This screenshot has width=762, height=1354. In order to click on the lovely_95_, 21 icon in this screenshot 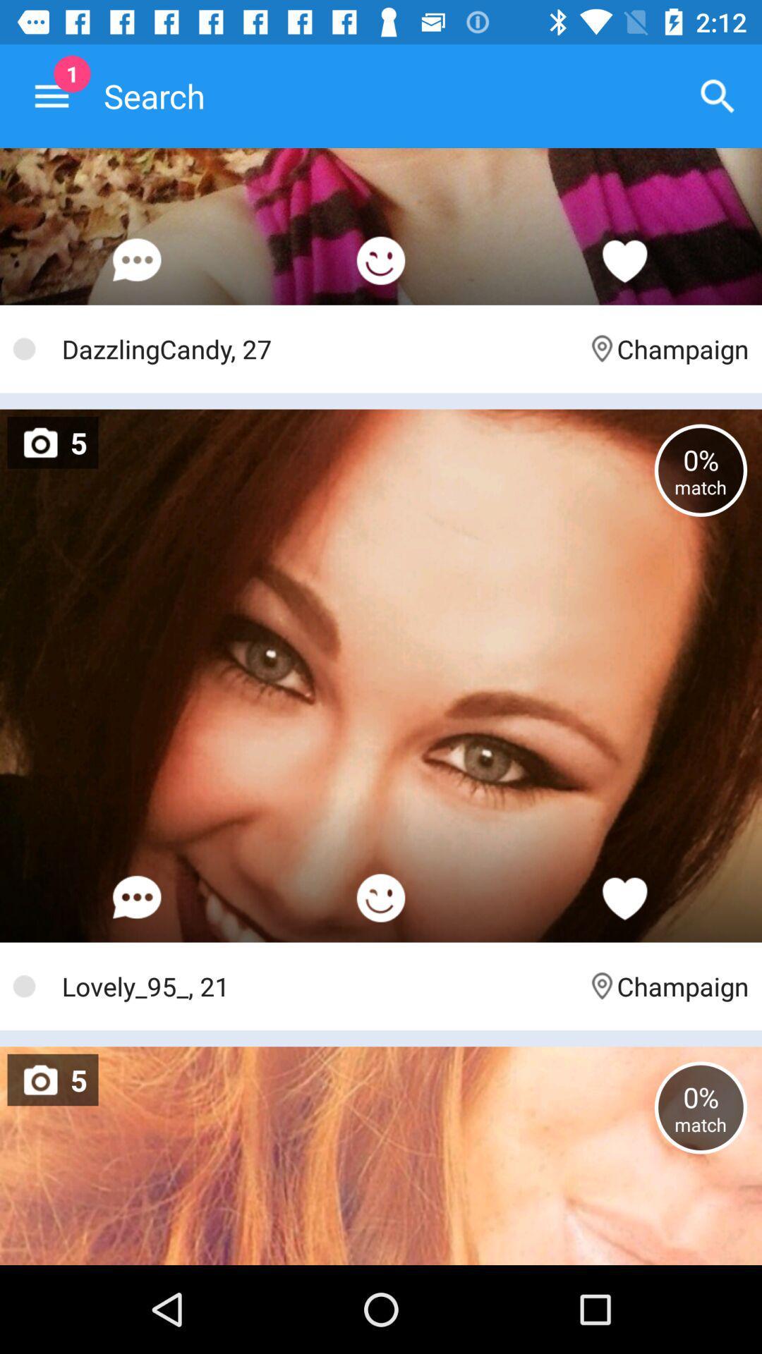, I will do `click(317, 985)`.